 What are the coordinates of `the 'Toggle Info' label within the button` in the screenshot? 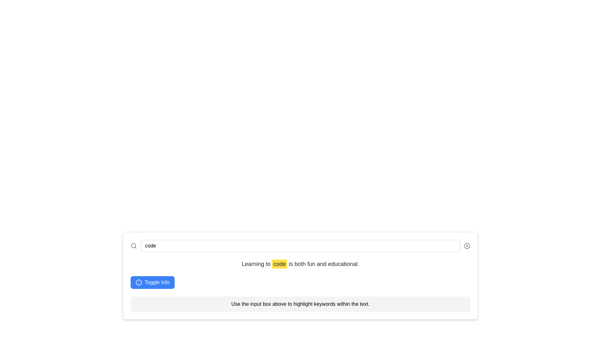 It's located at (157, 282).